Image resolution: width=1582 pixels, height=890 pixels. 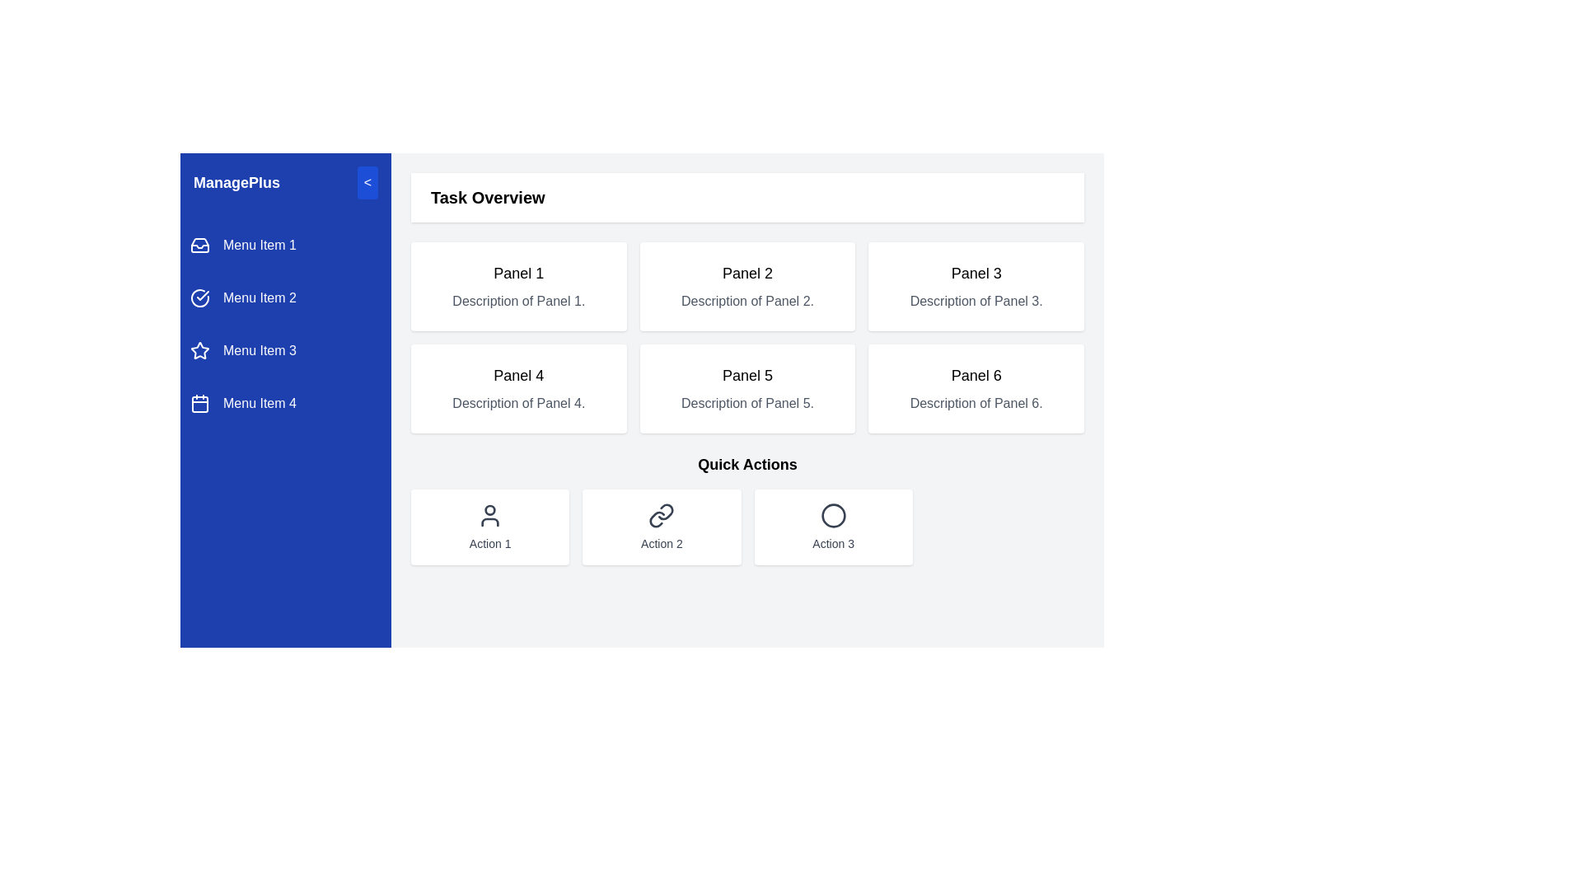 I want to click on the Informational panel identified as 'Panel 5', which features a white background, shadowed borders, and contains the text 'Panel 5' and 'Description of Panel 5.', so click(x=747, y=388).